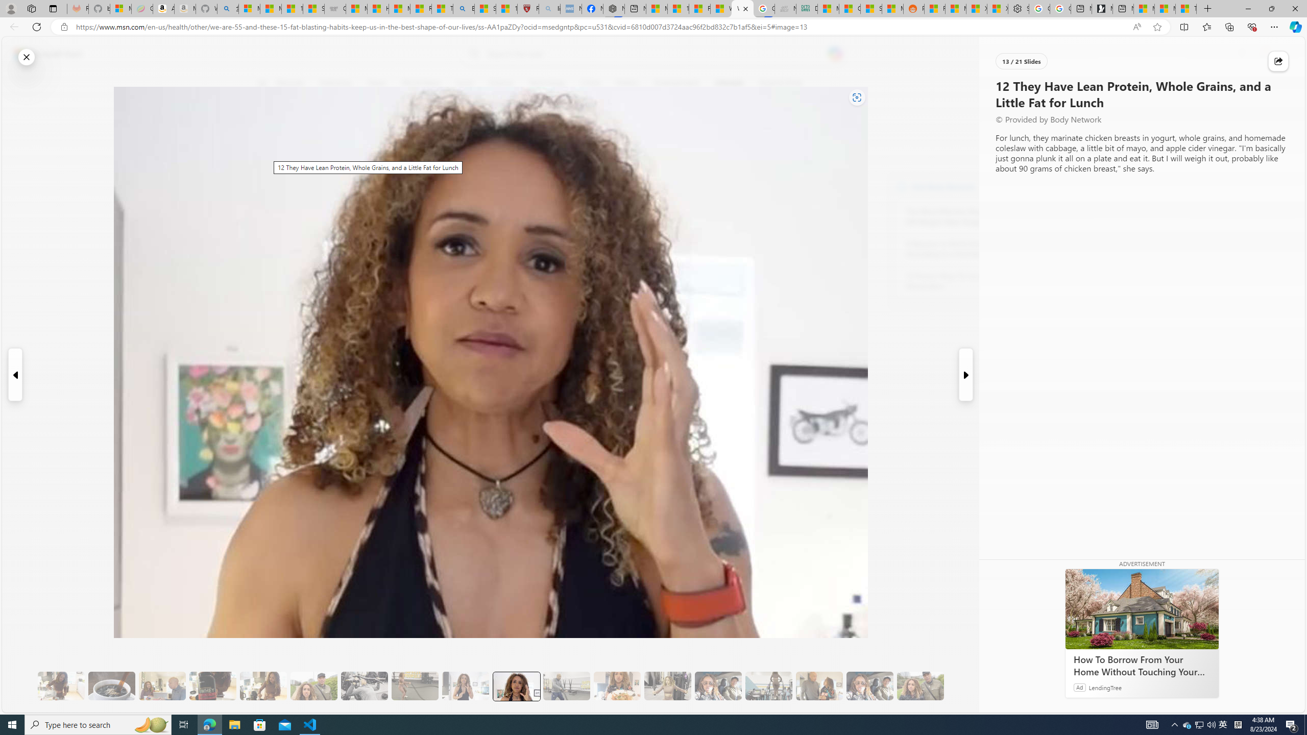  I want to click on '8 Be Mindful of Coffee', so click(111, 686).